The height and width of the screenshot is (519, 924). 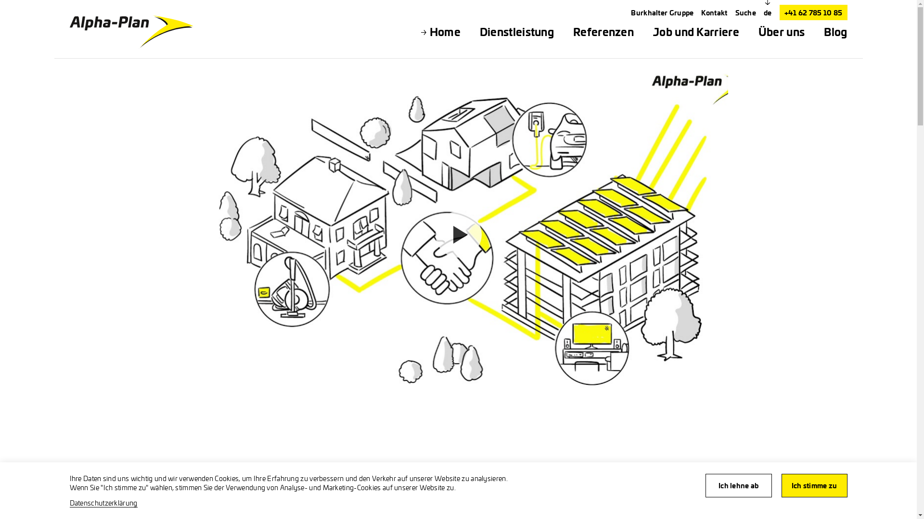 What do you see at coordinates (603, 31) in the screenshot?
I see `'Referenzen'` at bounding box center [603, 31].